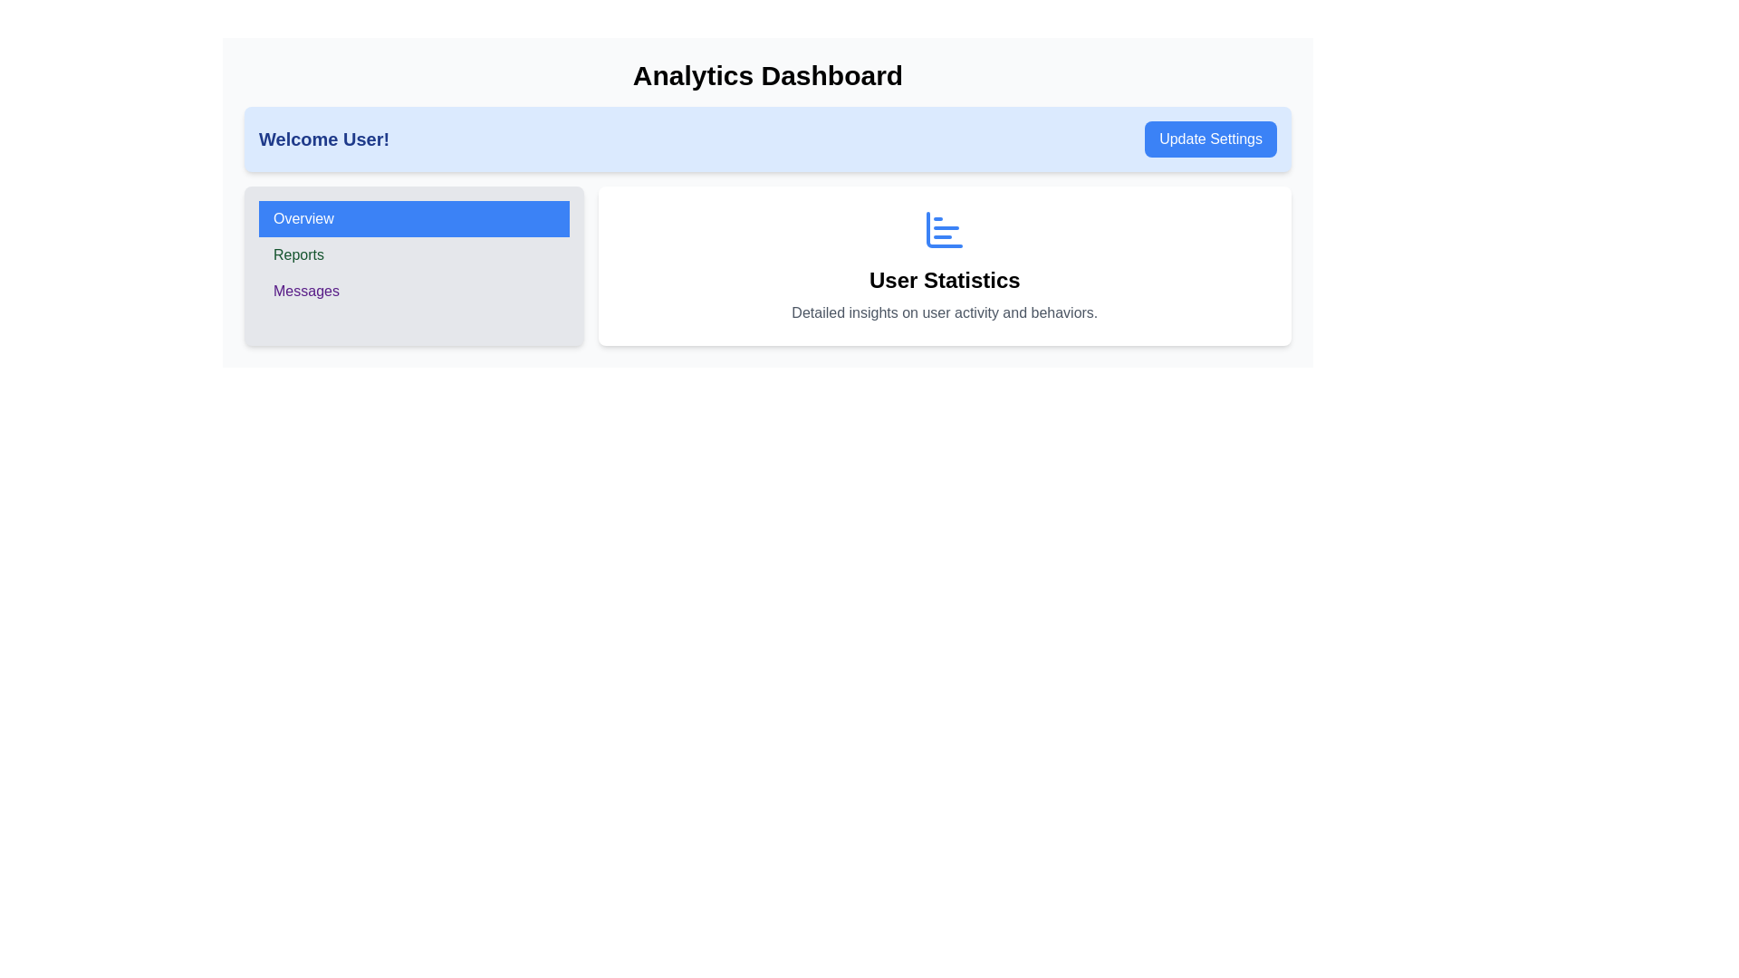 This screenshot has width=1739, height=978. Describe the element at coordinates (1211, 139) in the screenshot. I see `the blue button labeled 'Update Settings' located` at that location.